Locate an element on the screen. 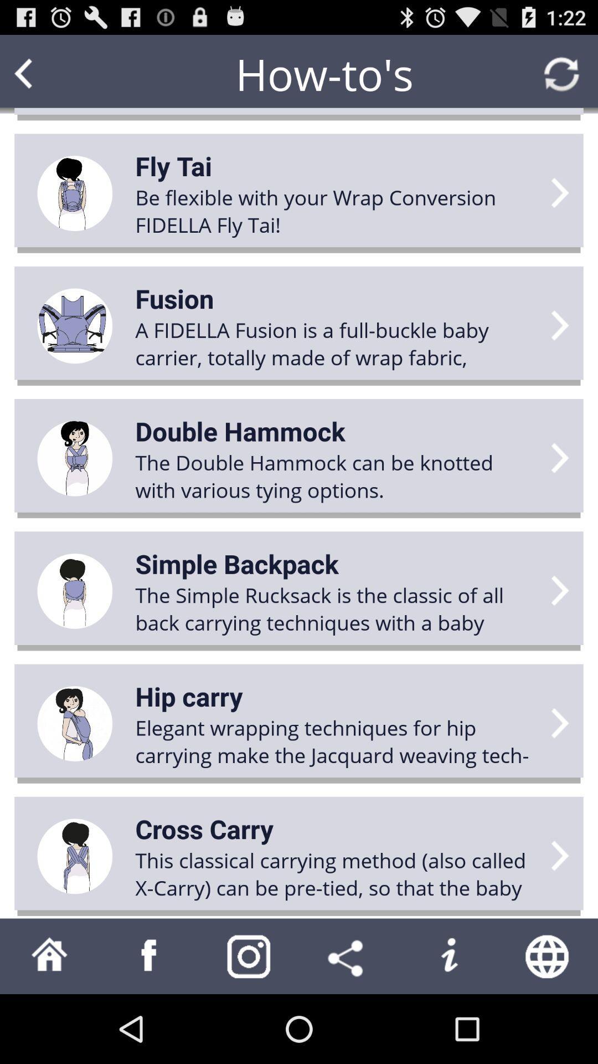 This screenshot has height=1064, width=598. the a fidella fusion is located at coordinates (336, 343).